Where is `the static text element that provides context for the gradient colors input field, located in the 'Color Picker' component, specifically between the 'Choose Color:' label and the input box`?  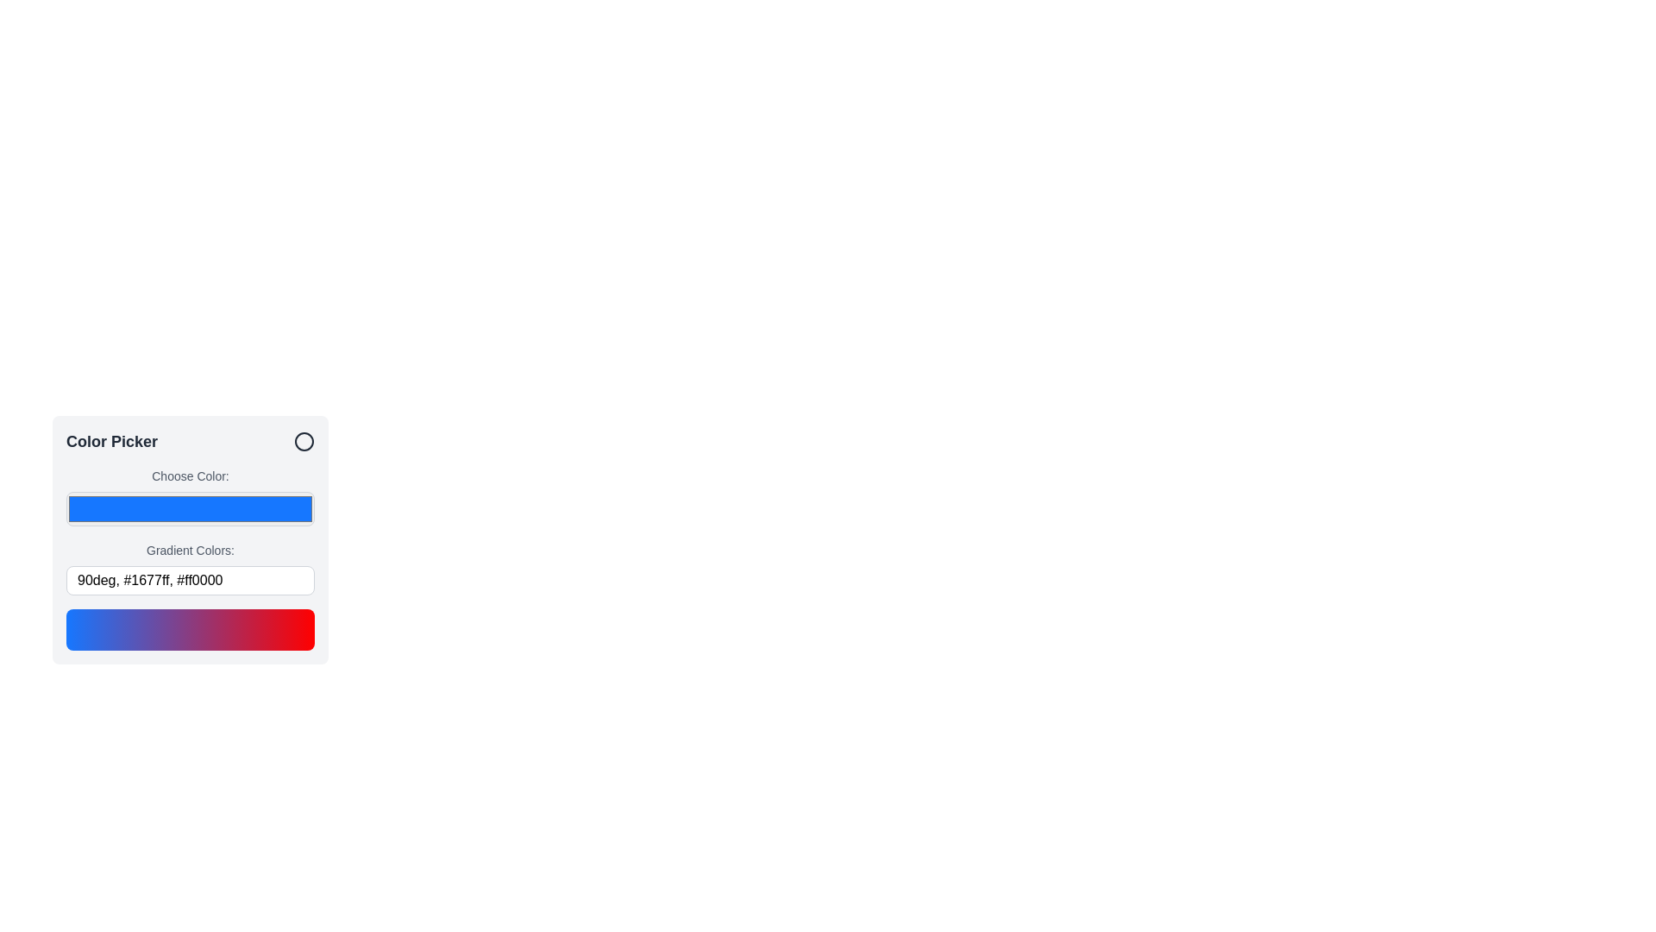 the static text element that provides context for the gradient colors input field, located in the 'Color Picker' component, specifically between the 'Choose Color:' label and the input box is located at coordinates (190, 550).